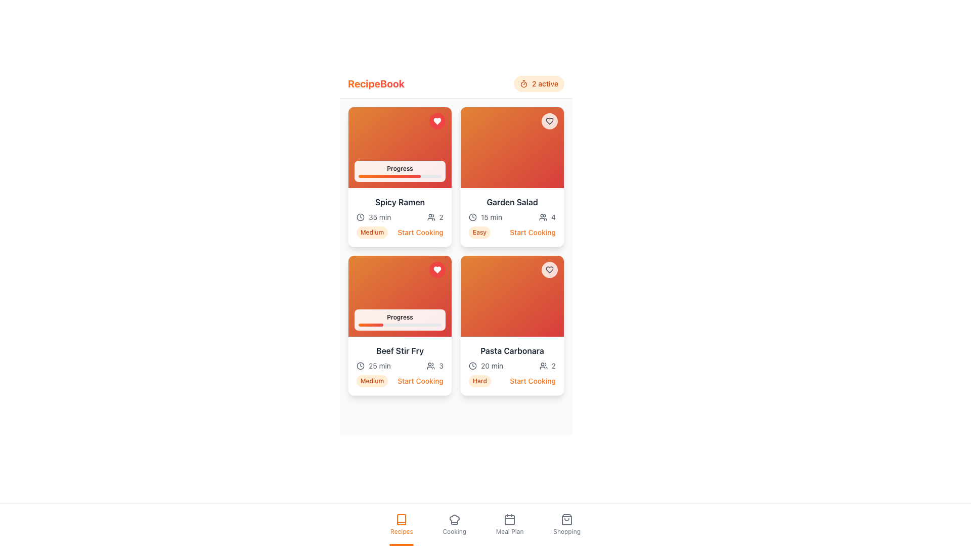 This screenshot has height=546, width=971. What do you see at coordinates (400, 317) in the screenshot?
I see `the 'Progress' text label element located above the progress bar in the 'Beef Stir Fry' card` at bounding box center [400, 317].